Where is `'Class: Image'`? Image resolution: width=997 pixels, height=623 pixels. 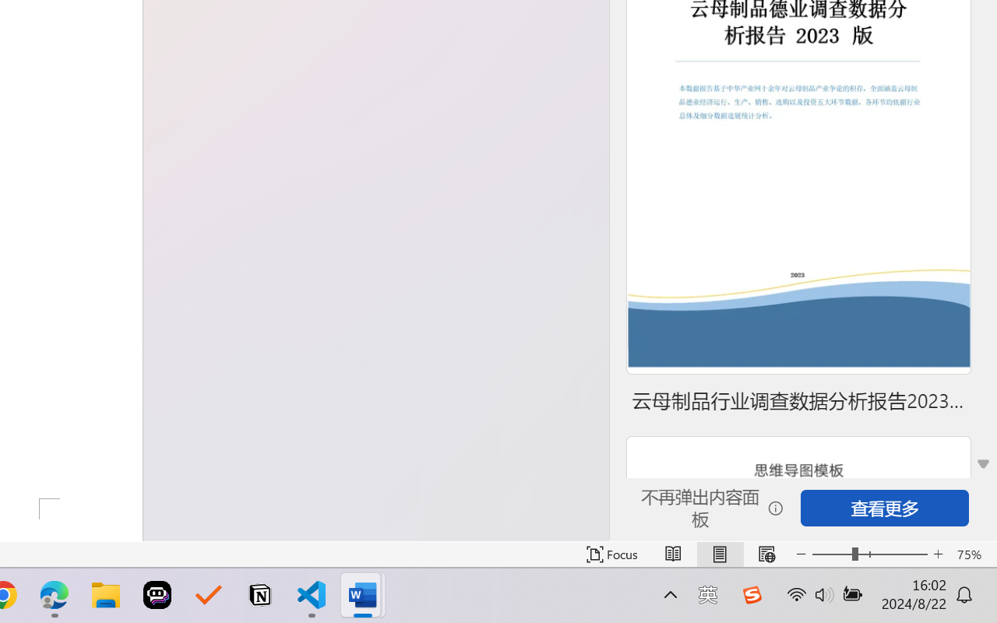
'Class: Image' is located at coordinates (752, 595).